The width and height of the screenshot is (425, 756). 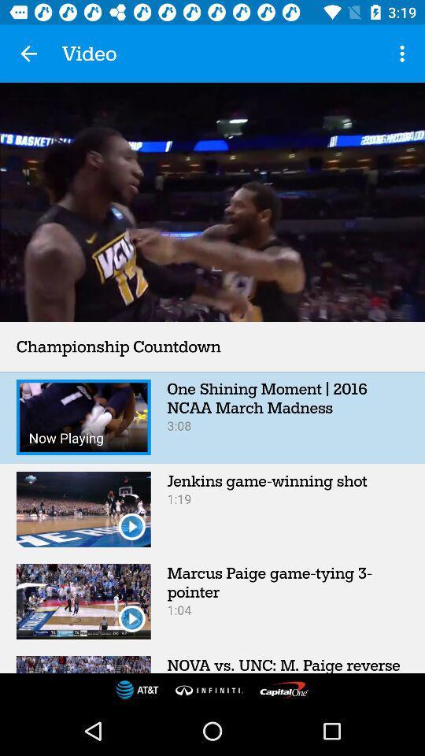 I want to click on app next to video icon, so click(x=28, y=54).